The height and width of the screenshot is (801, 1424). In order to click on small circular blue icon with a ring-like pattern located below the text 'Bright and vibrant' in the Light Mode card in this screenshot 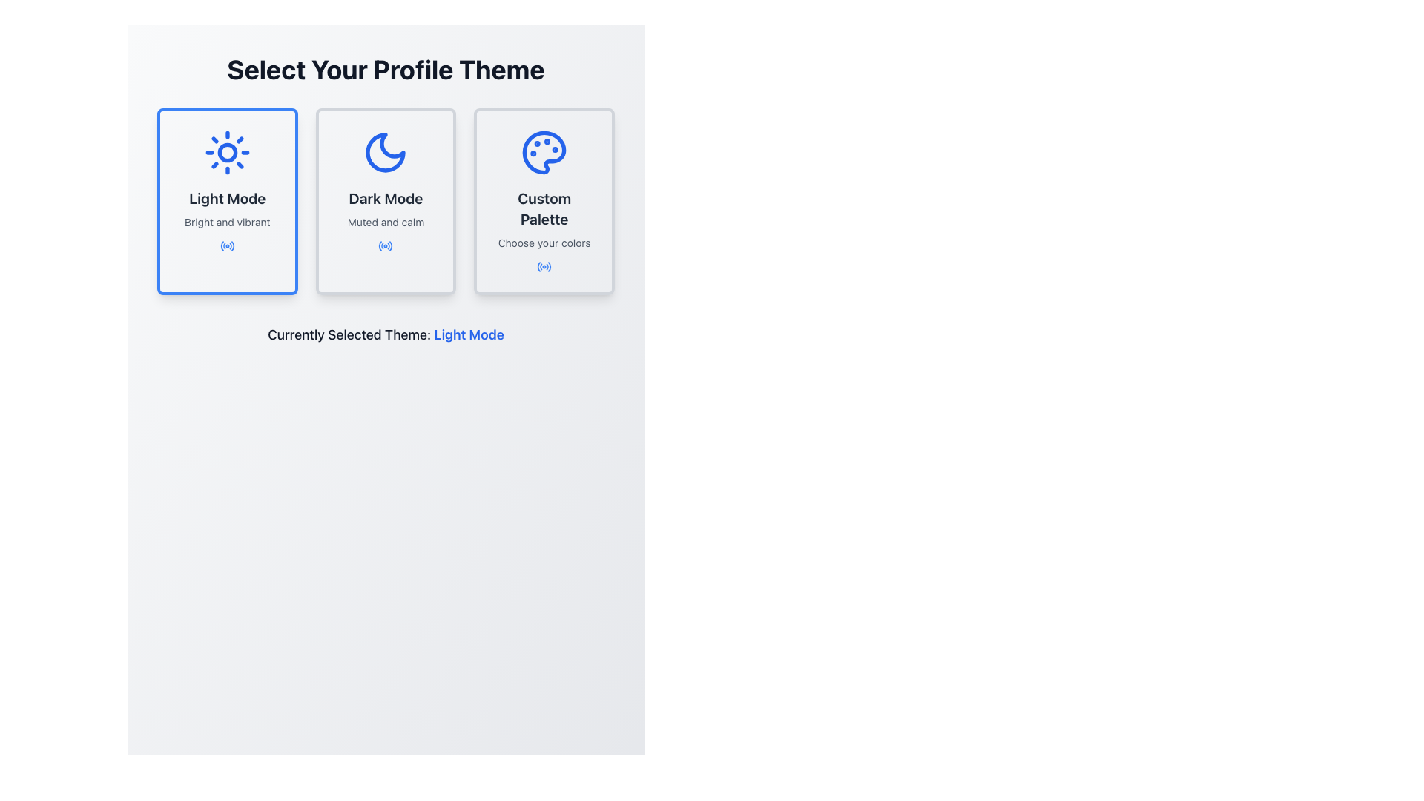, I will do `click(226, 245)`.